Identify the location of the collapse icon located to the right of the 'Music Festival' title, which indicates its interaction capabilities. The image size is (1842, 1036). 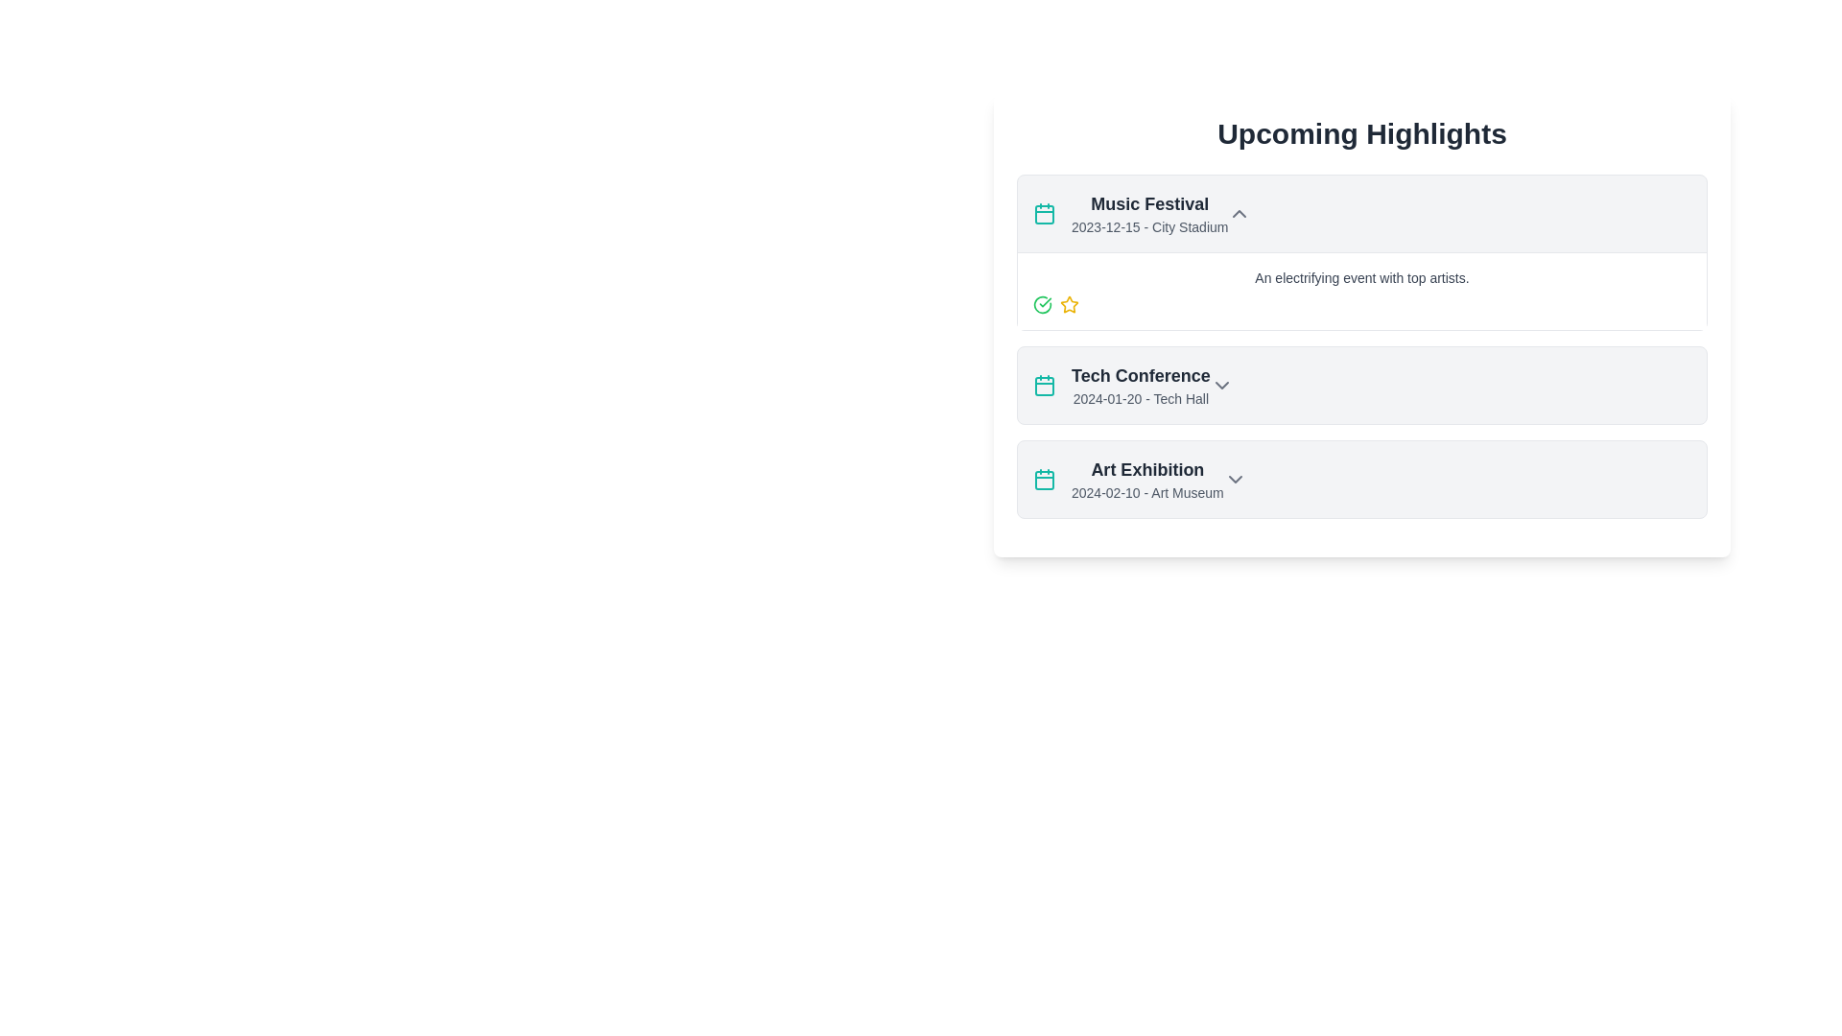
(1240, 214).